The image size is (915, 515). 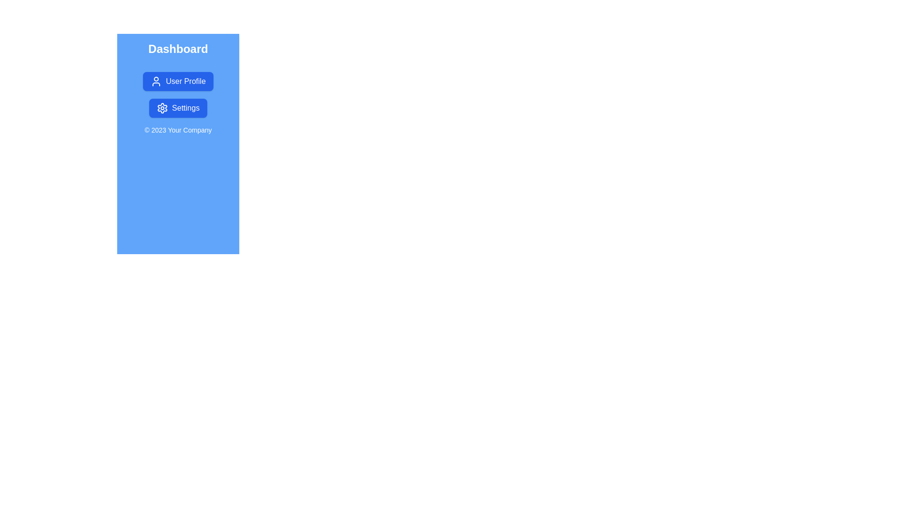 I want to click on toggle button to toggle the drawer visibility, so click(x=139, y=57).